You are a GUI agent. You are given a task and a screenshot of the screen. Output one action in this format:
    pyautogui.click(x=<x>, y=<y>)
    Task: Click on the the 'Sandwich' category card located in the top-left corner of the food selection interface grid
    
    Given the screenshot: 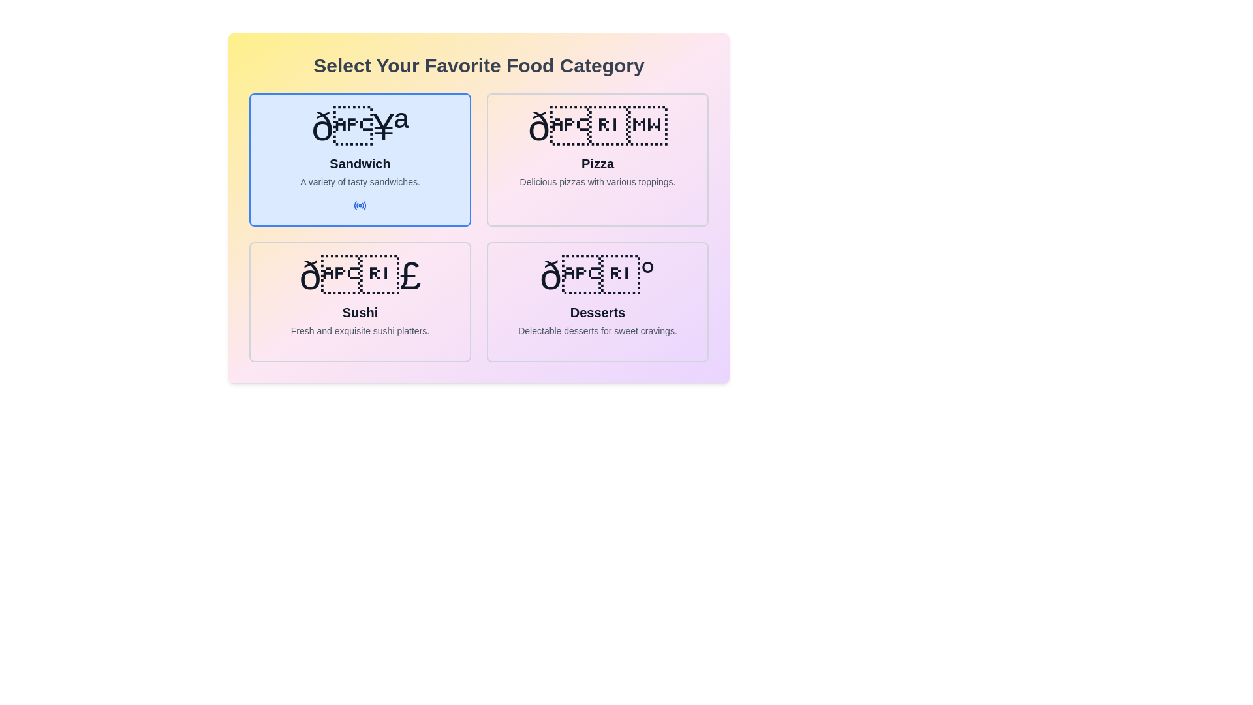 What is the action you would take?
    pyautogui.click(x=360, y=159)
    